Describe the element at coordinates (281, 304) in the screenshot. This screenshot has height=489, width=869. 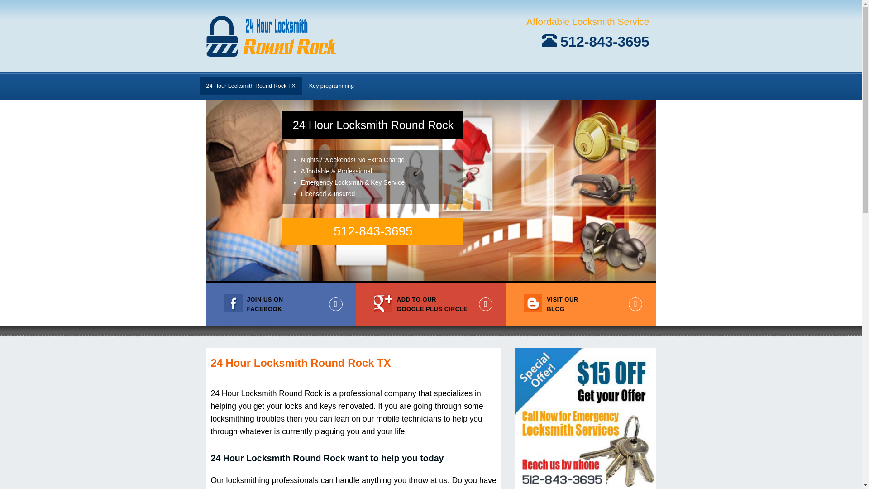
I see `'JOIN US ON` at that location.